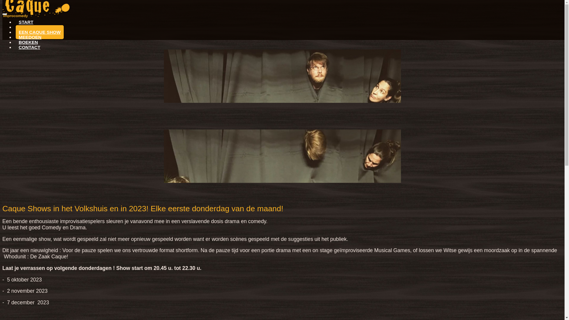 This screenshot has width=569, height=320. Describe the element at coordinates (29, 47) in the screenshot. I see `'CONTACT'` at that location.